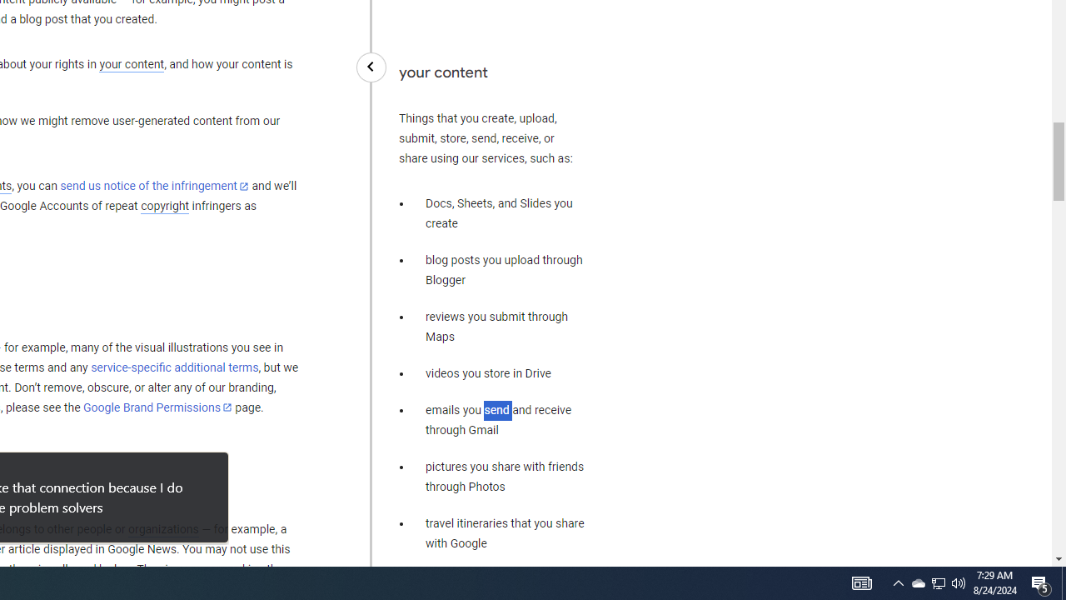  What do you see at coordinates (154, 187) in the screenshot?
I see `'send us notice of the infringement'` at bounding box center [154, 187].